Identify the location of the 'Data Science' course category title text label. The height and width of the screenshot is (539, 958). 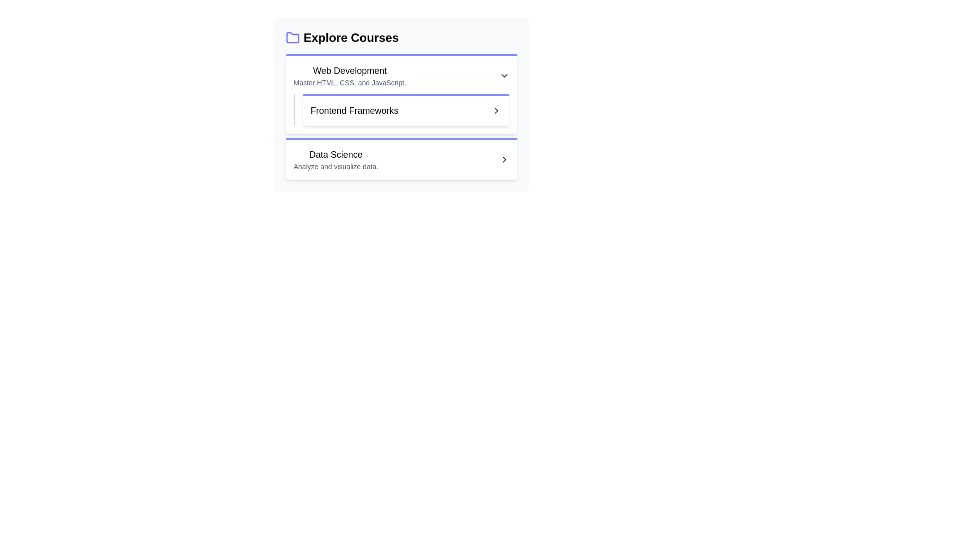
(336, 154).